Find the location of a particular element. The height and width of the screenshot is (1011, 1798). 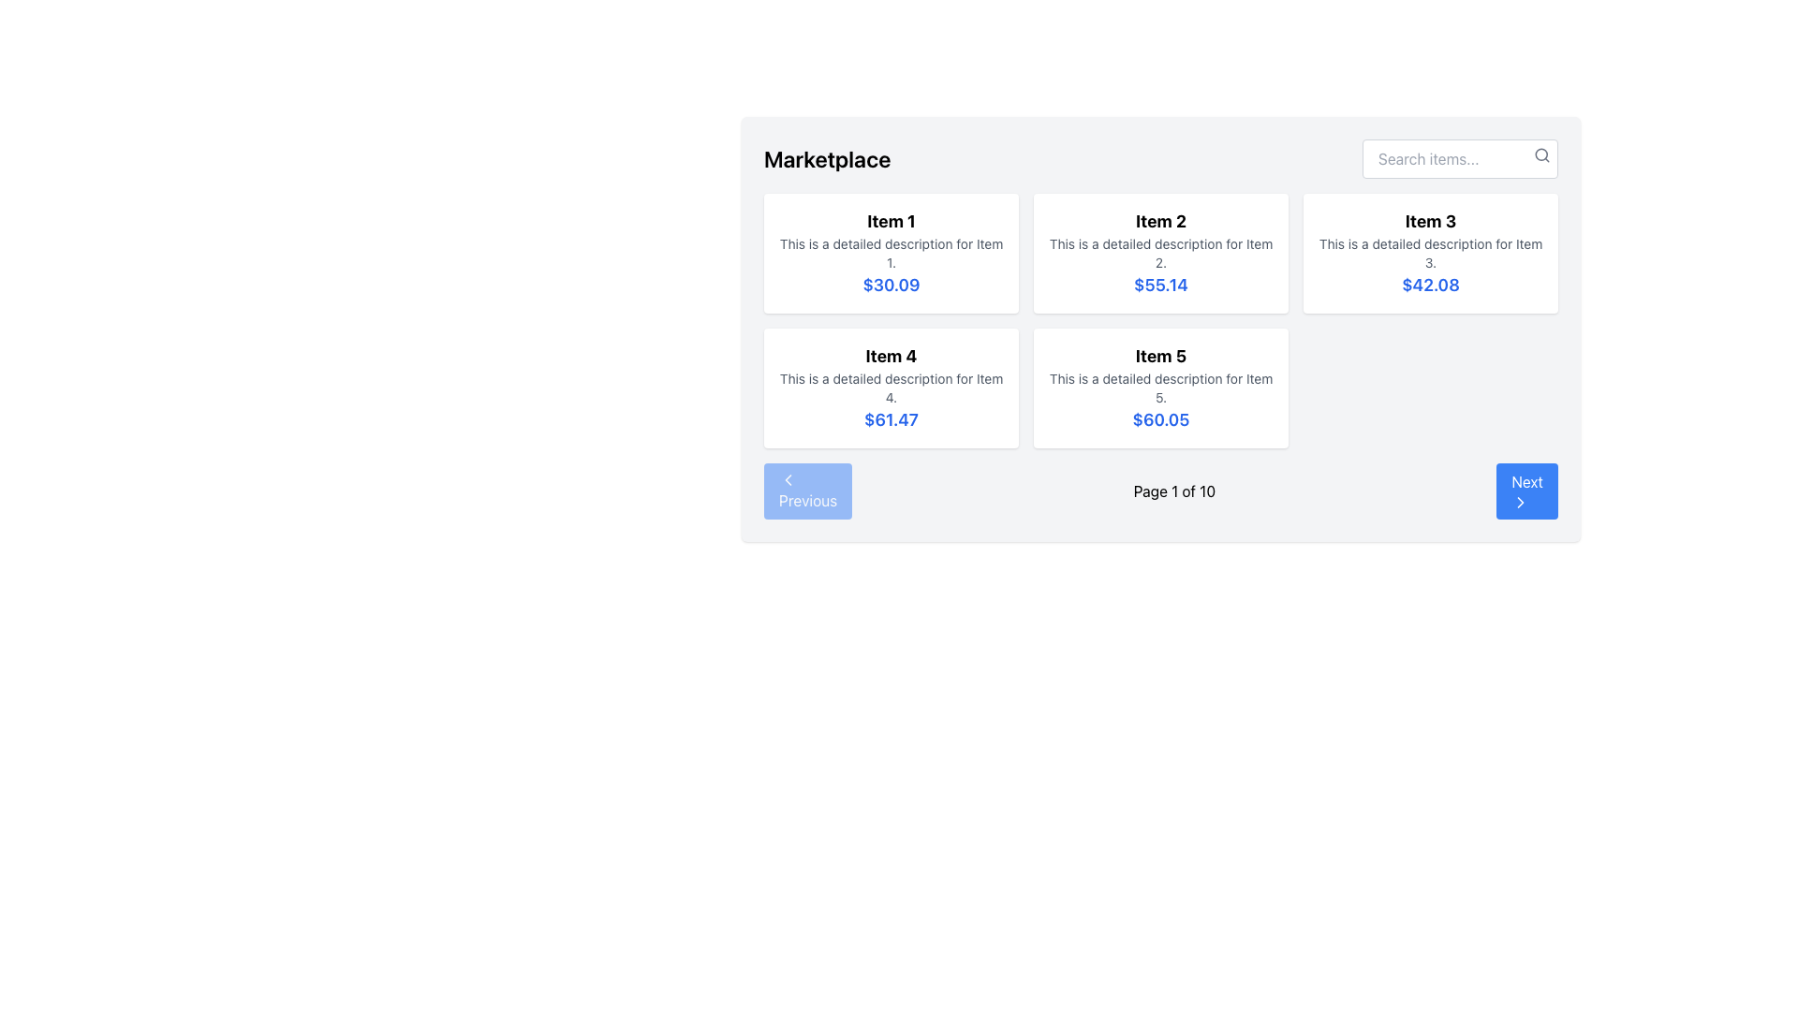

the rightward-pointing chevron icon inside the blue rectangular 'Next' button is located at coordinates (1521, 501).